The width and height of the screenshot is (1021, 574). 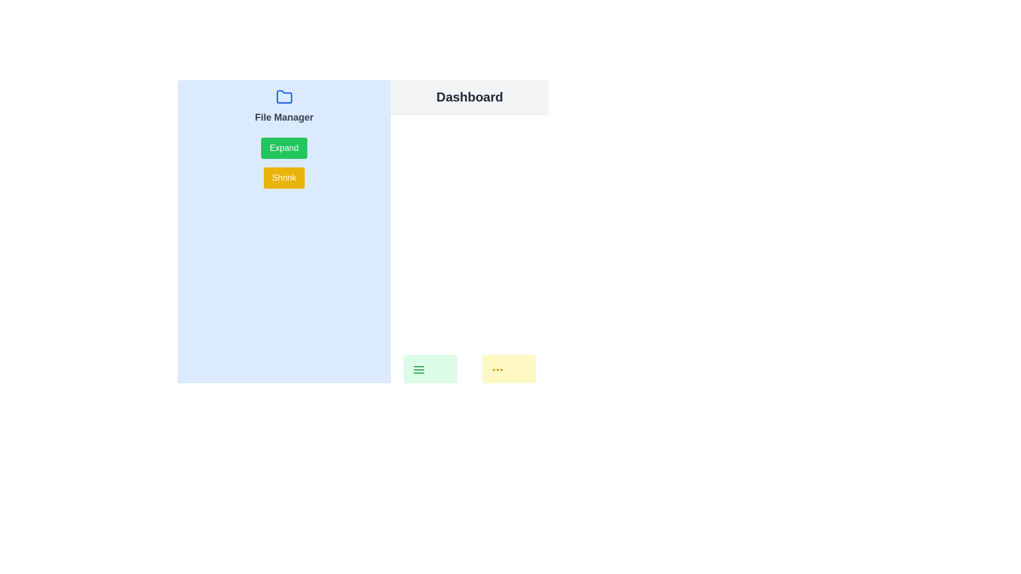 I want to click on the graphical folder icon with blue outlines, located above the 'File Manager' label, so click(x=284, y=97).